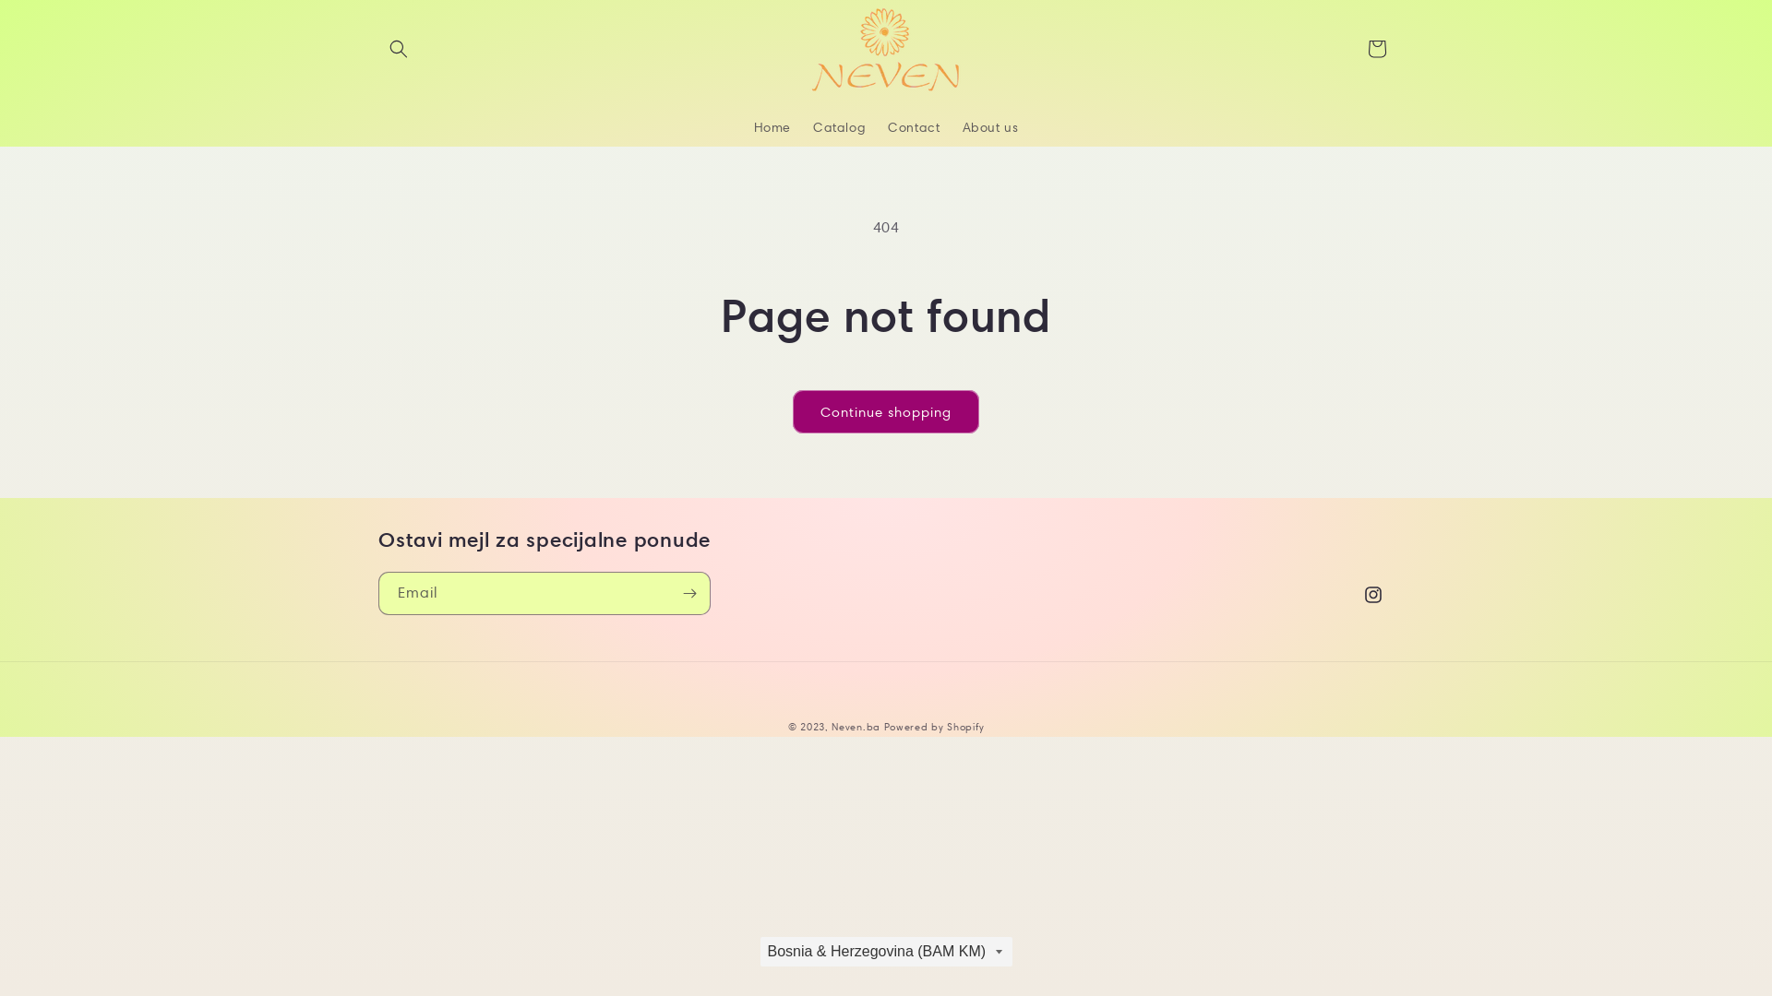  Describe the element at coordinates (934, 725) in the screenshot. I see `'Powered by Shopify'` at that location.